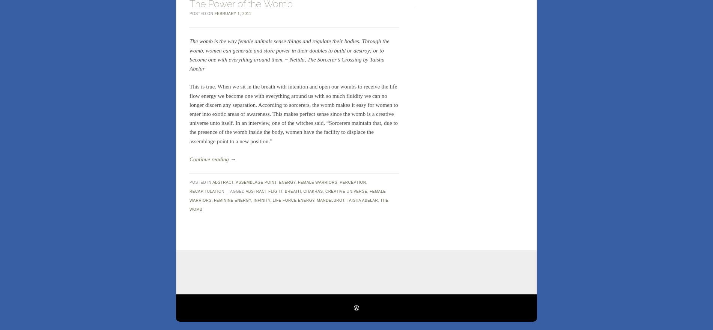 The width and height of the screenshot is (713, 330). I want to click on 'breath', so click(292, 191).